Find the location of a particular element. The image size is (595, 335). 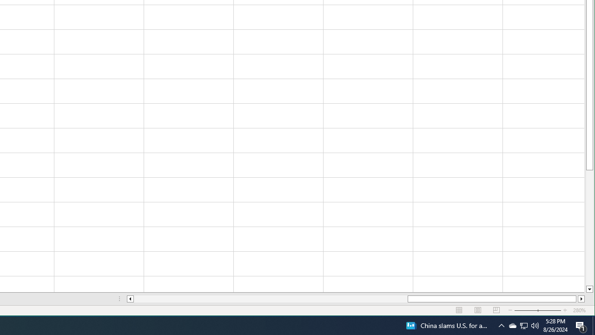

'Zoom In' is located at coordinates (565, 310).